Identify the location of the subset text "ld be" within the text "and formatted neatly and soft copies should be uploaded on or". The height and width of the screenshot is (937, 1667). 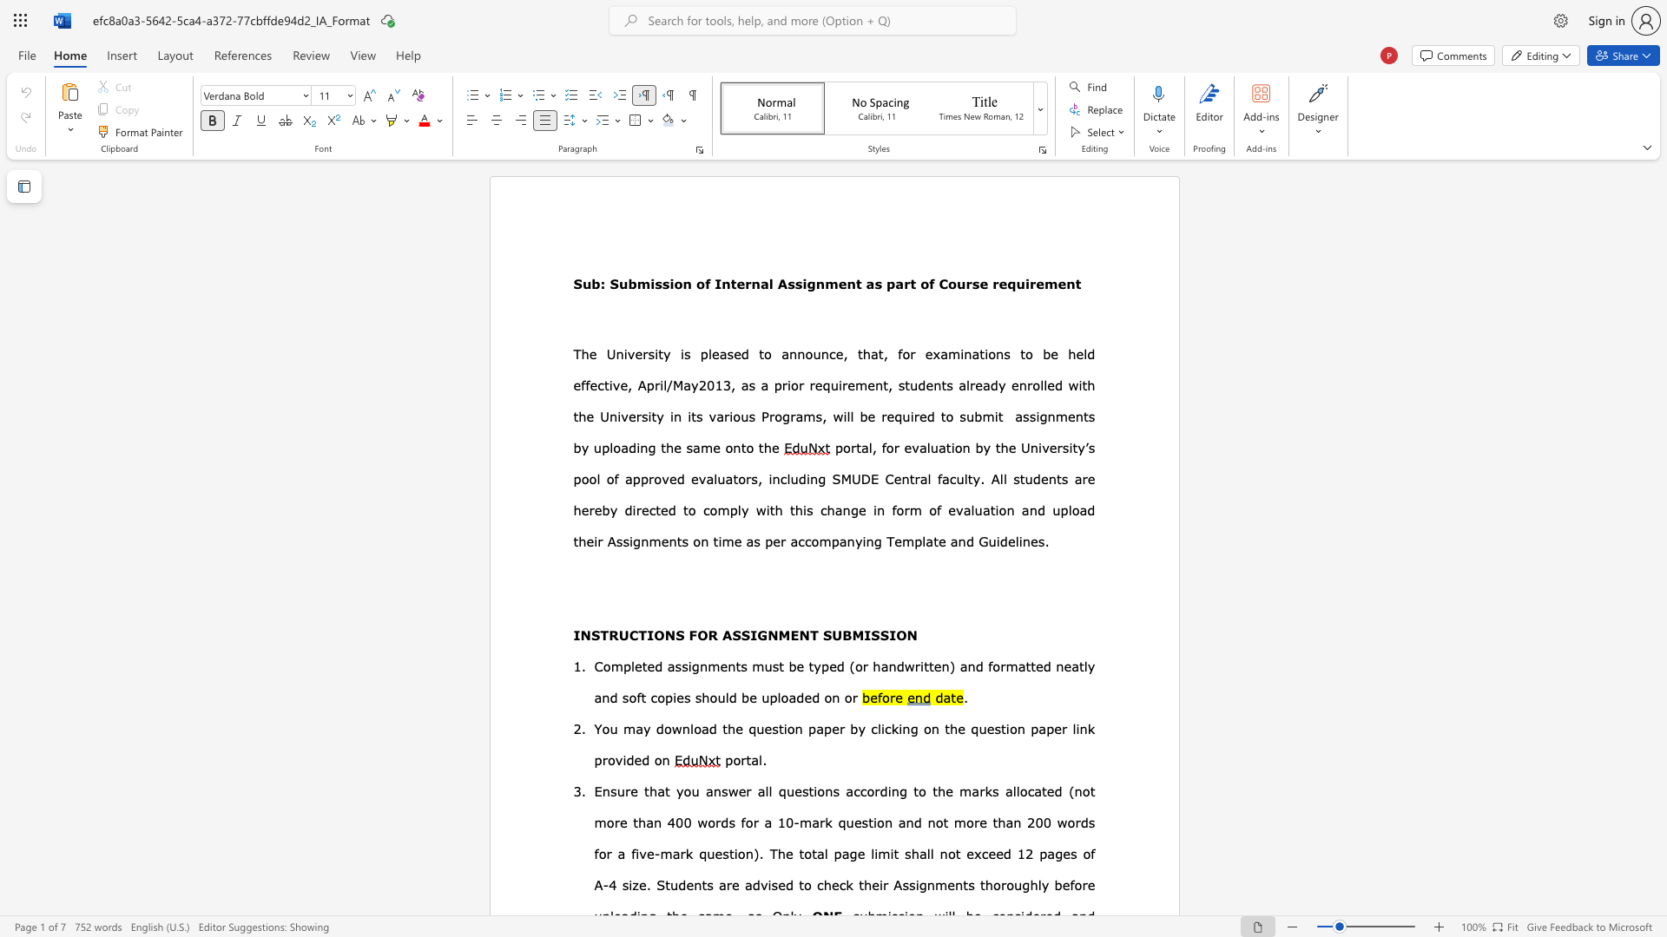
(725, 696).